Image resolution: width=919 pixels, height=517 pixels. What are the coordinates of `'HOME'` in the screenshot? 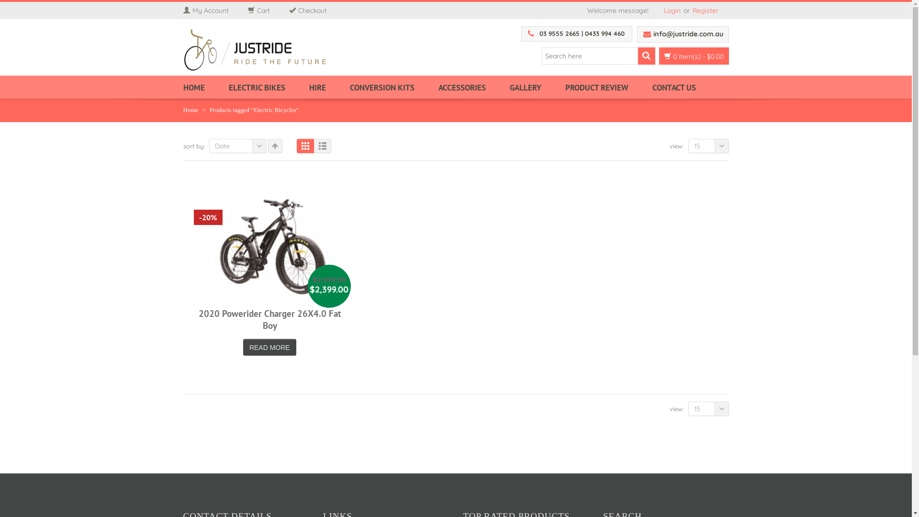 It's located at (205, 87).